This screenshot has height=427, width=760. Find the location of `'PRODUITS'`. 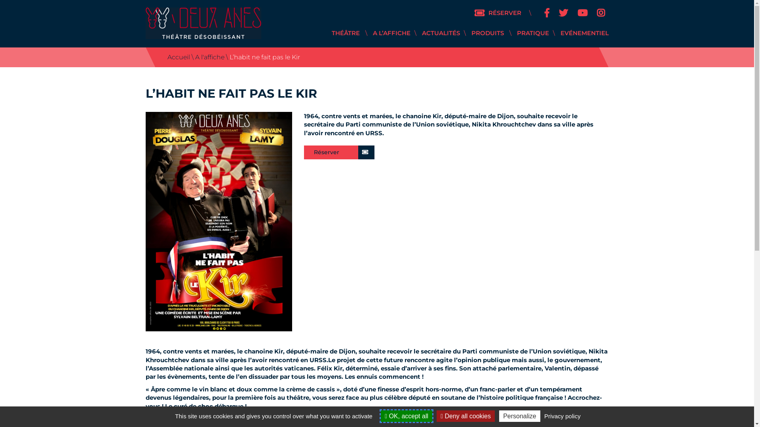

'PRODUITS' is located at coordinates (486, 32).